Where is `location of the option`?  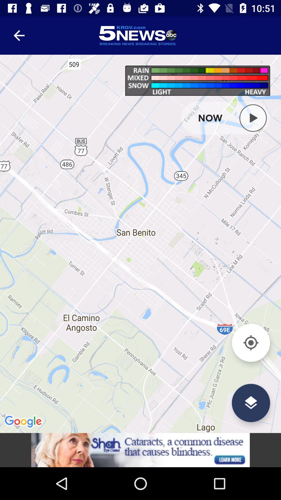 location of the option is located at coordinates (251, 403).